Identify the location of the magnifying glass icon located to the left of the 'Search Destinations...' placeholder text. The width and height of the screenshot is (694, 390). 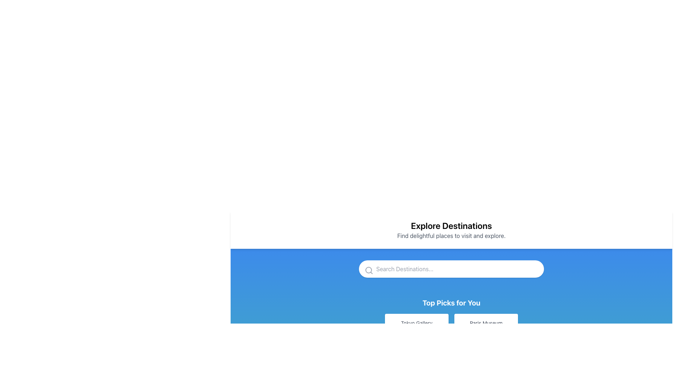
(369, 270).